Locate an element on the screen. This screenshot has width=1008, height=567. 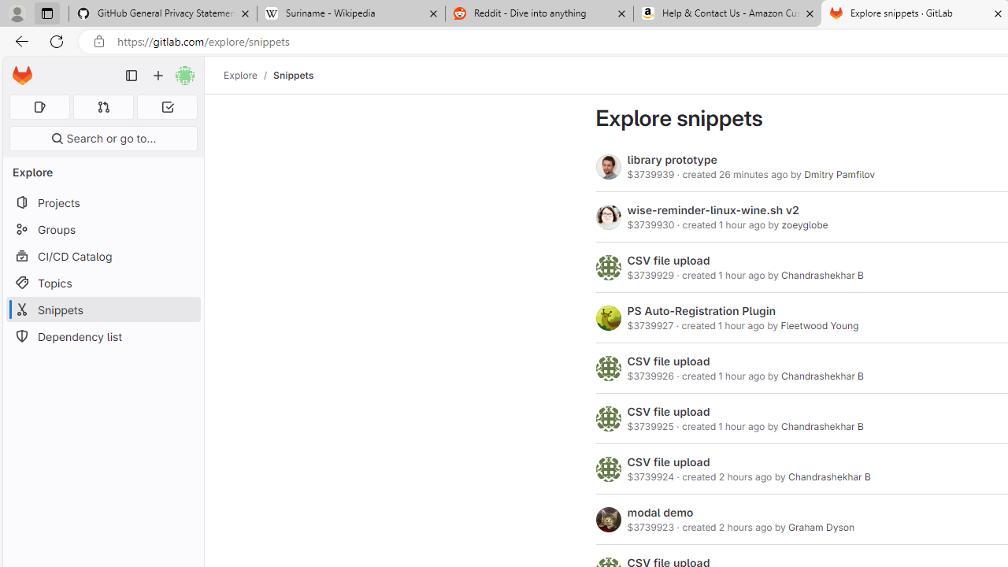
'Dependency list' is located at coordinates (102, 335).